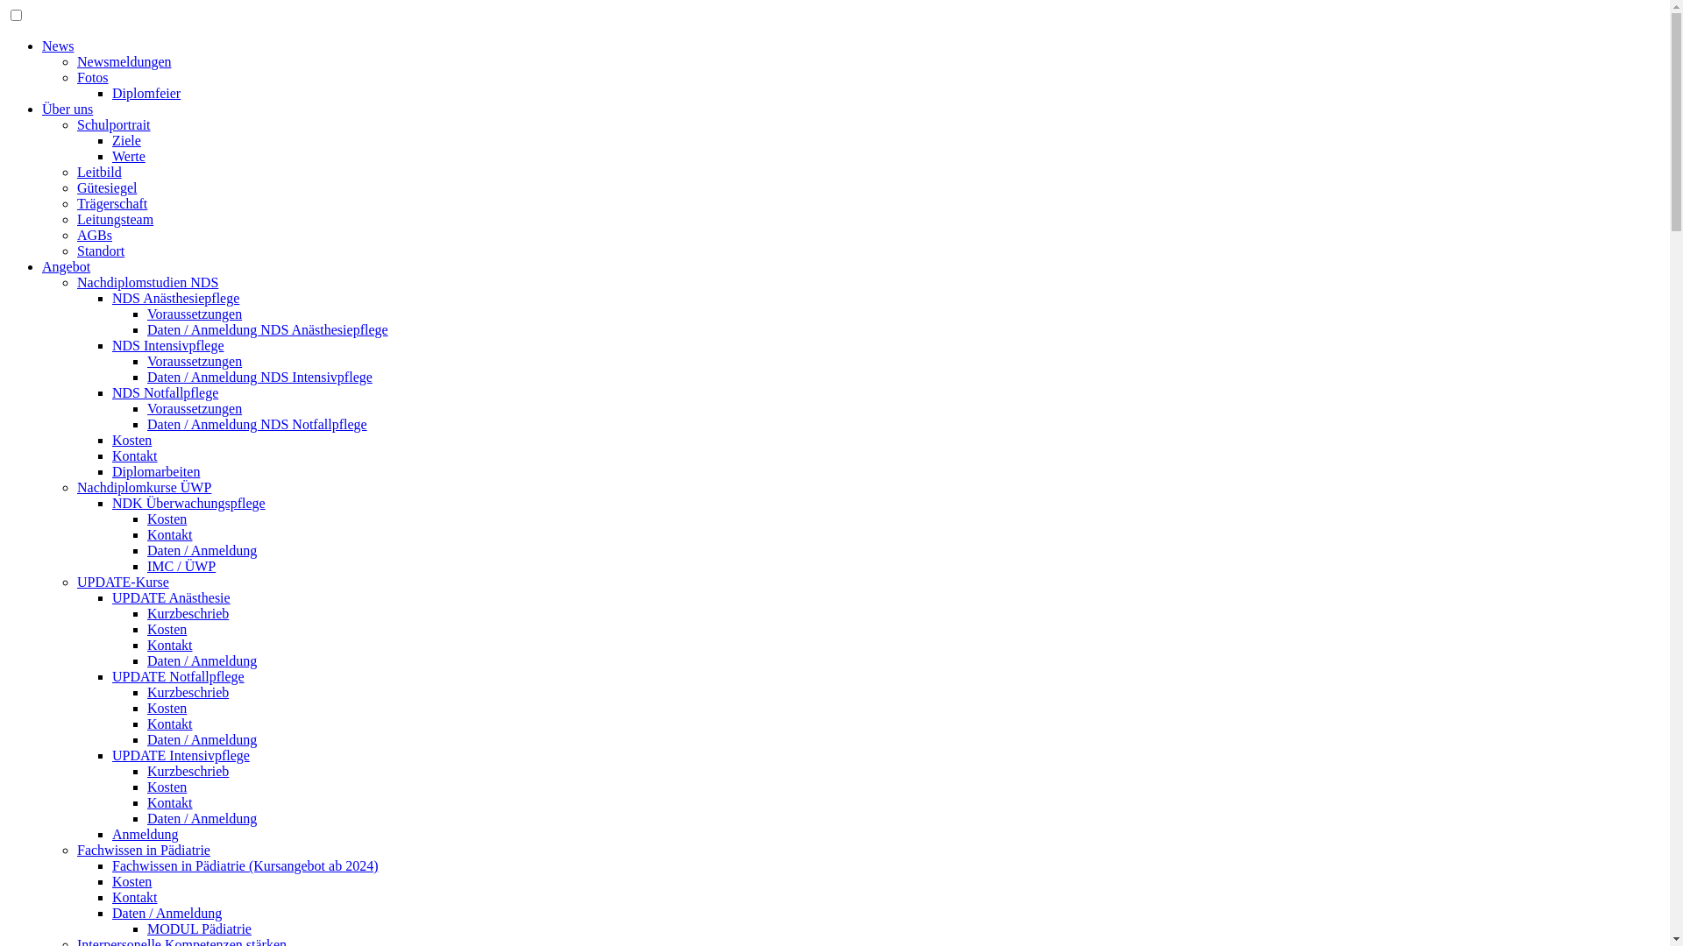  What do you see at coordinates (128, 155) in the screenshot?
I see `'Werte'` at bounding box center [128, 155].